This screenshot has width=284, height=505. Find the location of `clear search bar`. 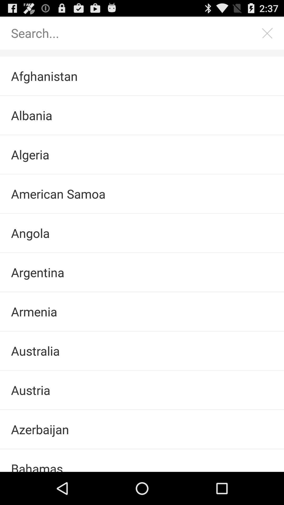

clear search bar is located at coordinates (267, 33).